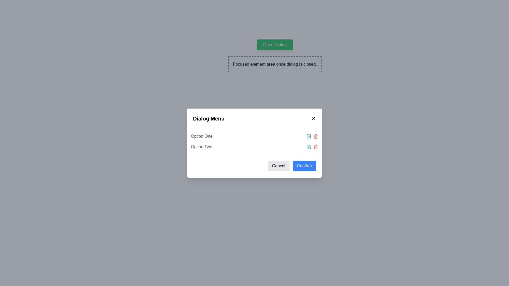 The image size is (509, 286). Describe the element at coordinates (309, 147) in the screenshot. I see `the edit icon button located to the left of the trash bin icon in the second row of the dialog menu` at that location.